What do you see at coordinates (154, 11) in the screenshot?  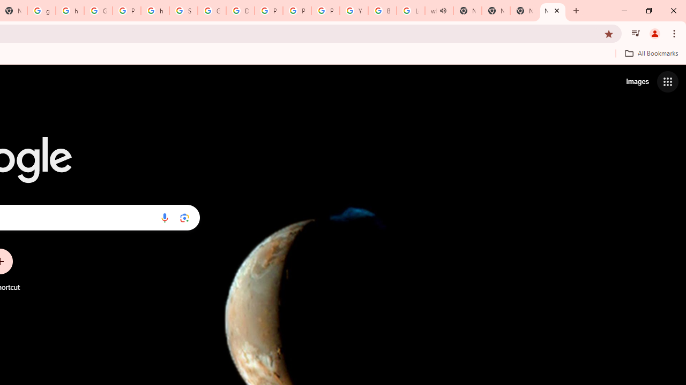 I see `'https://scholar.google.com/'` at bounding box center [154, 11].